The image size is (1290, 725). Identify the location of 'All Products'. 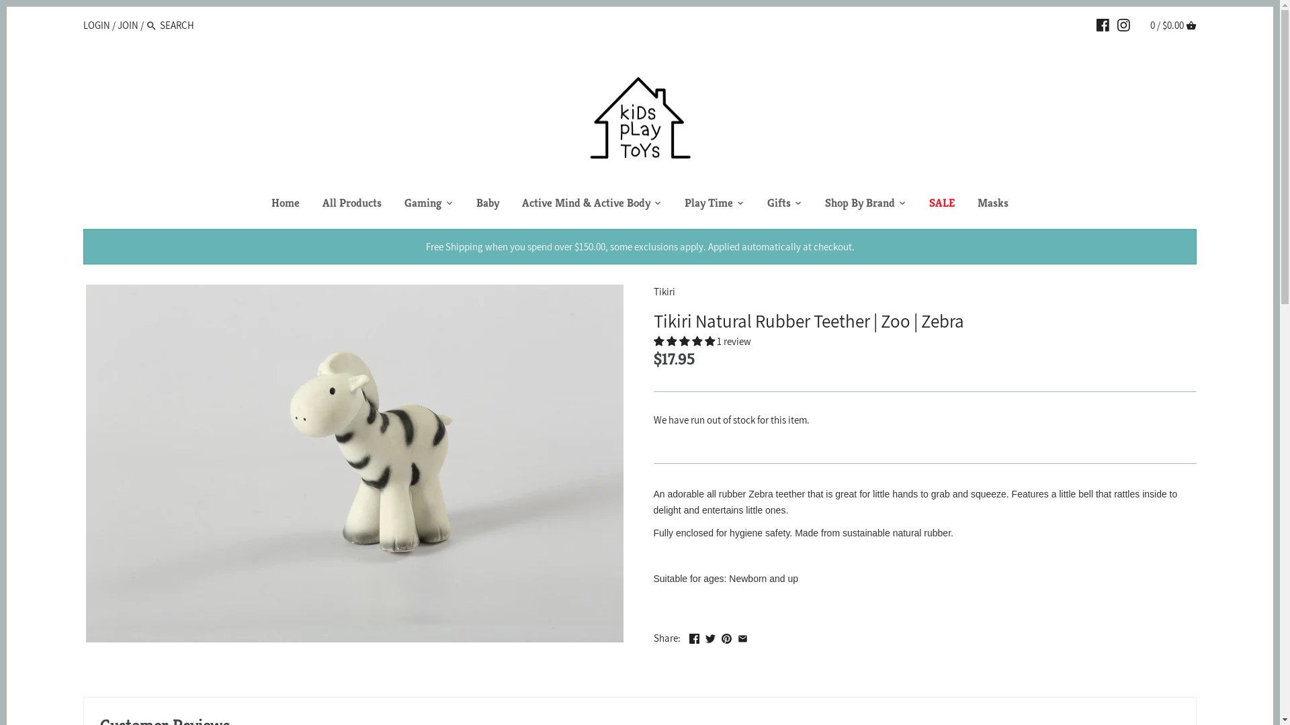
(351, 204).